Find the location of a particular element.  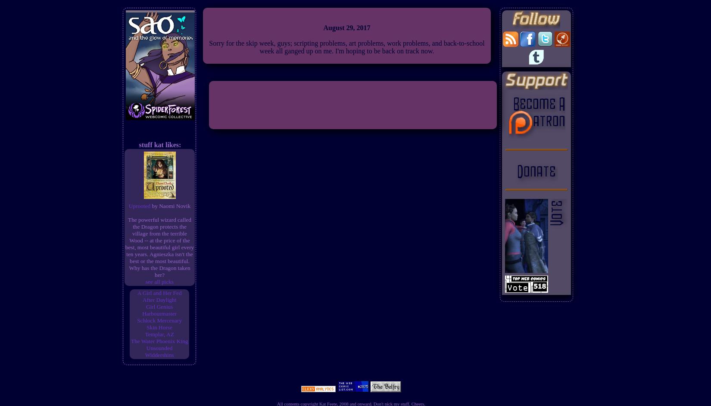

'RSS Feed' is located at coordinates (370, 155).